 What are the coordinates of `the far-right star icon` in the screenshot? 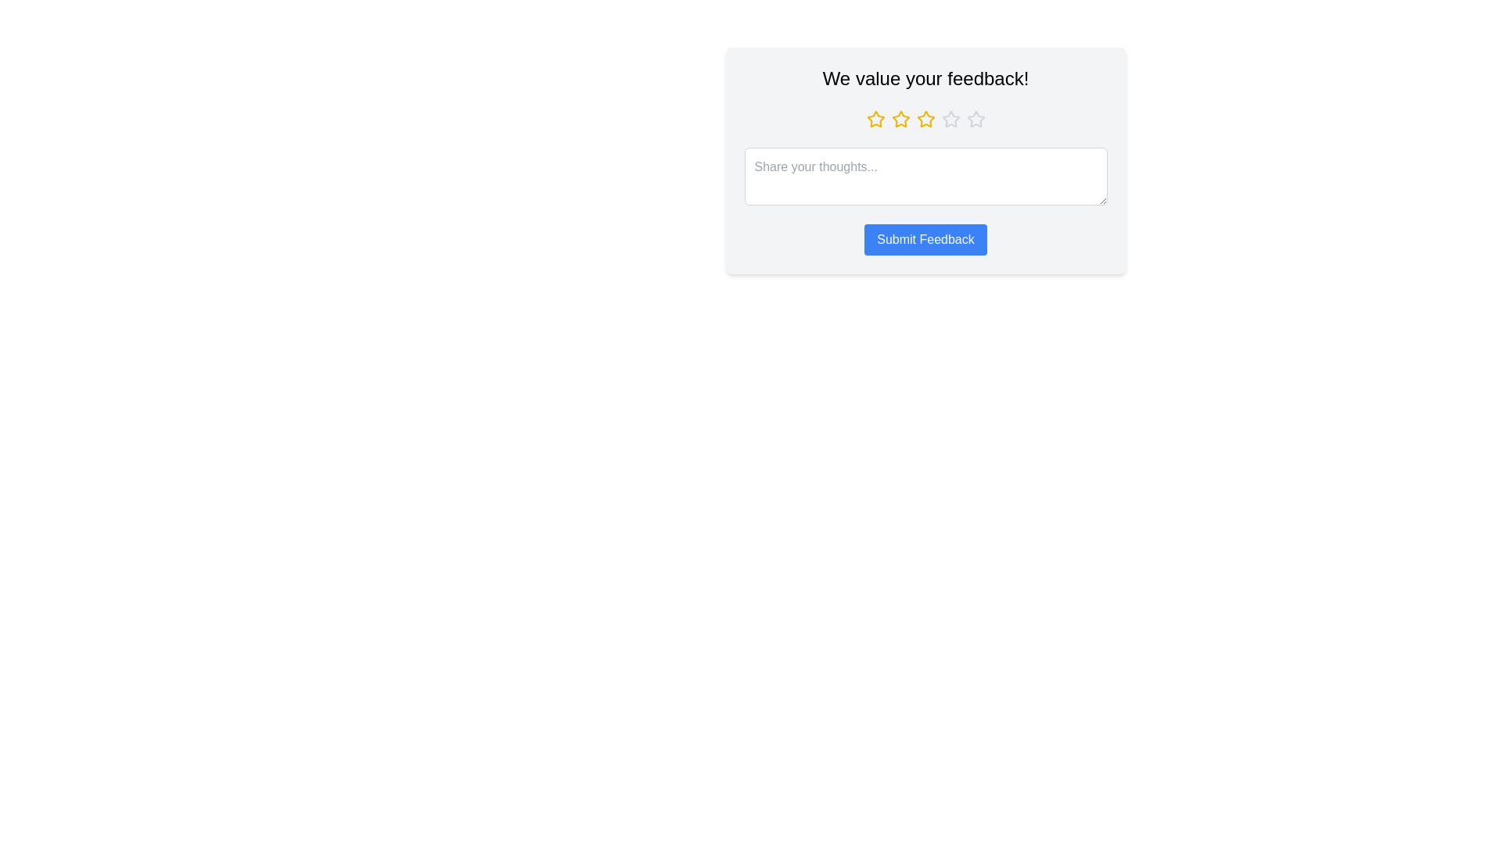 It's located at (975, 118).